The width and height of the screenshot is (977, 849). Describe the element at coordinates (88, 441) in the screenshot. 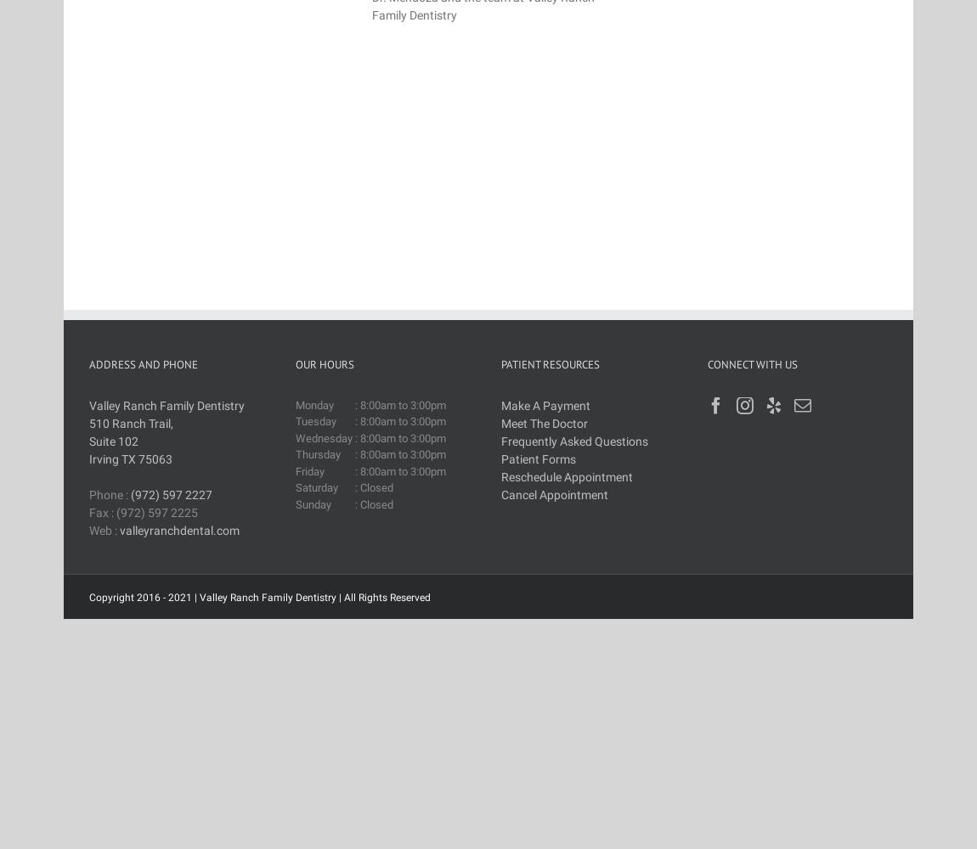

I see `'Suite 102'` at that location.